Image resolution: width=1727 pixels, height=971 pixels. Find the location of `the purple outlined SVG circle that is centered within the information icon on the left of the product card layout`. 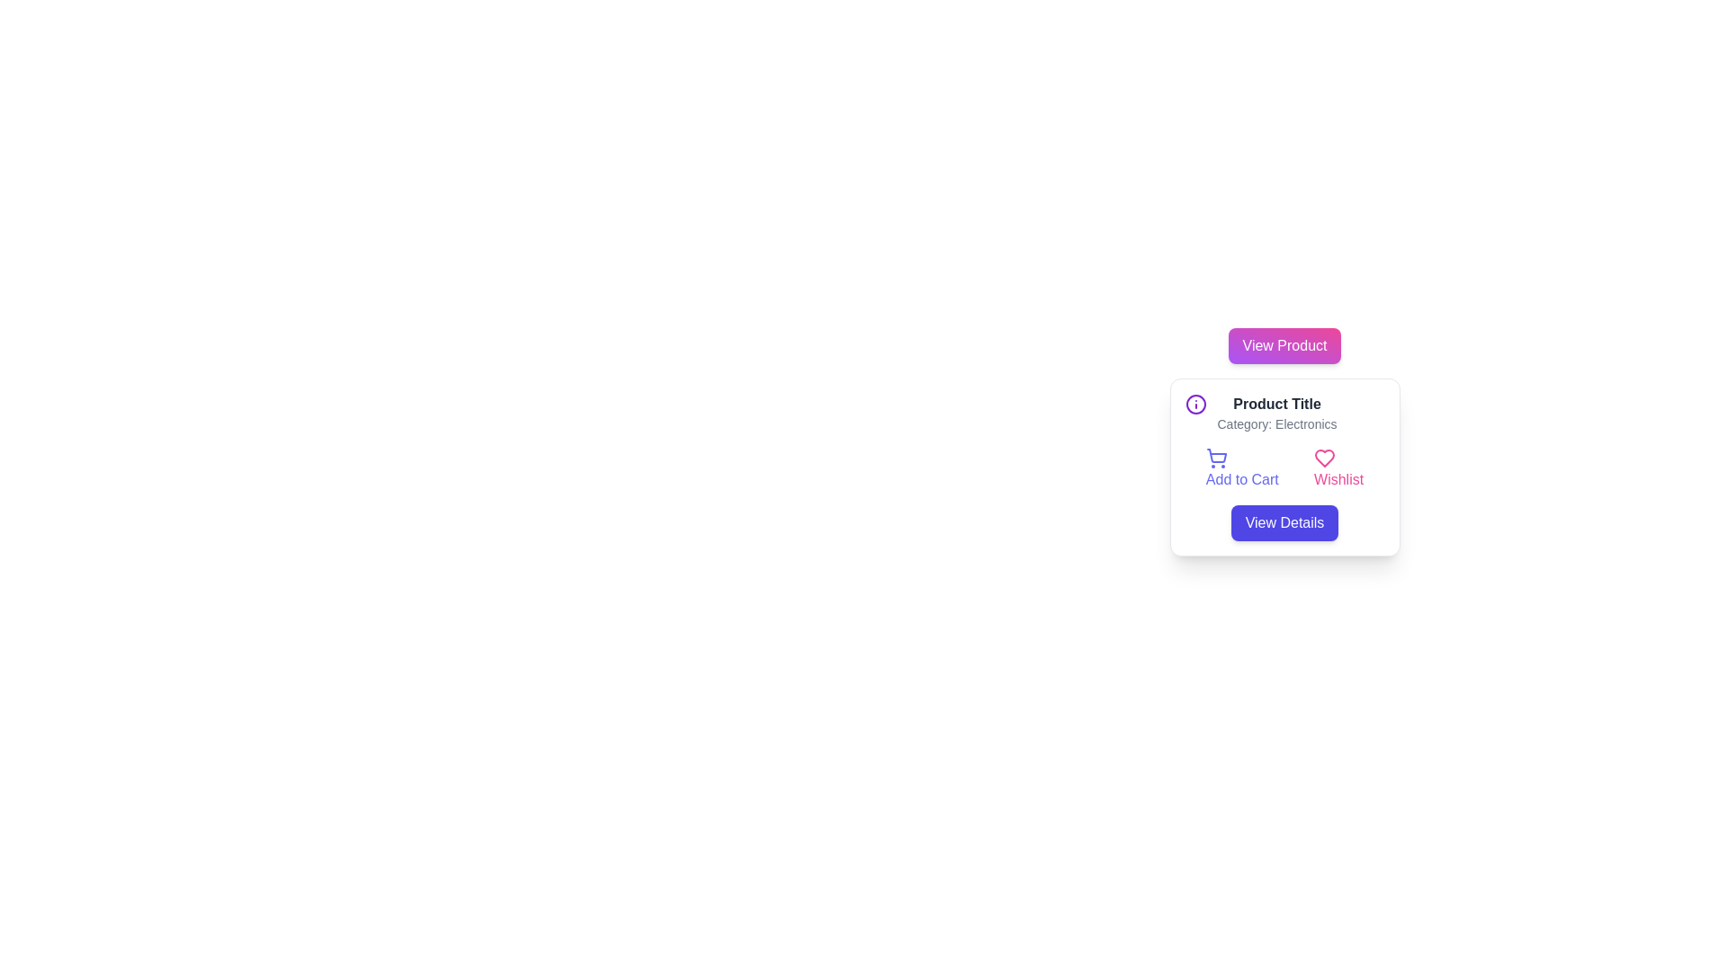

the purple outlined SVG circle that is centered within the information icon on the left of the product card layout is located at coordinates (1195, 405).